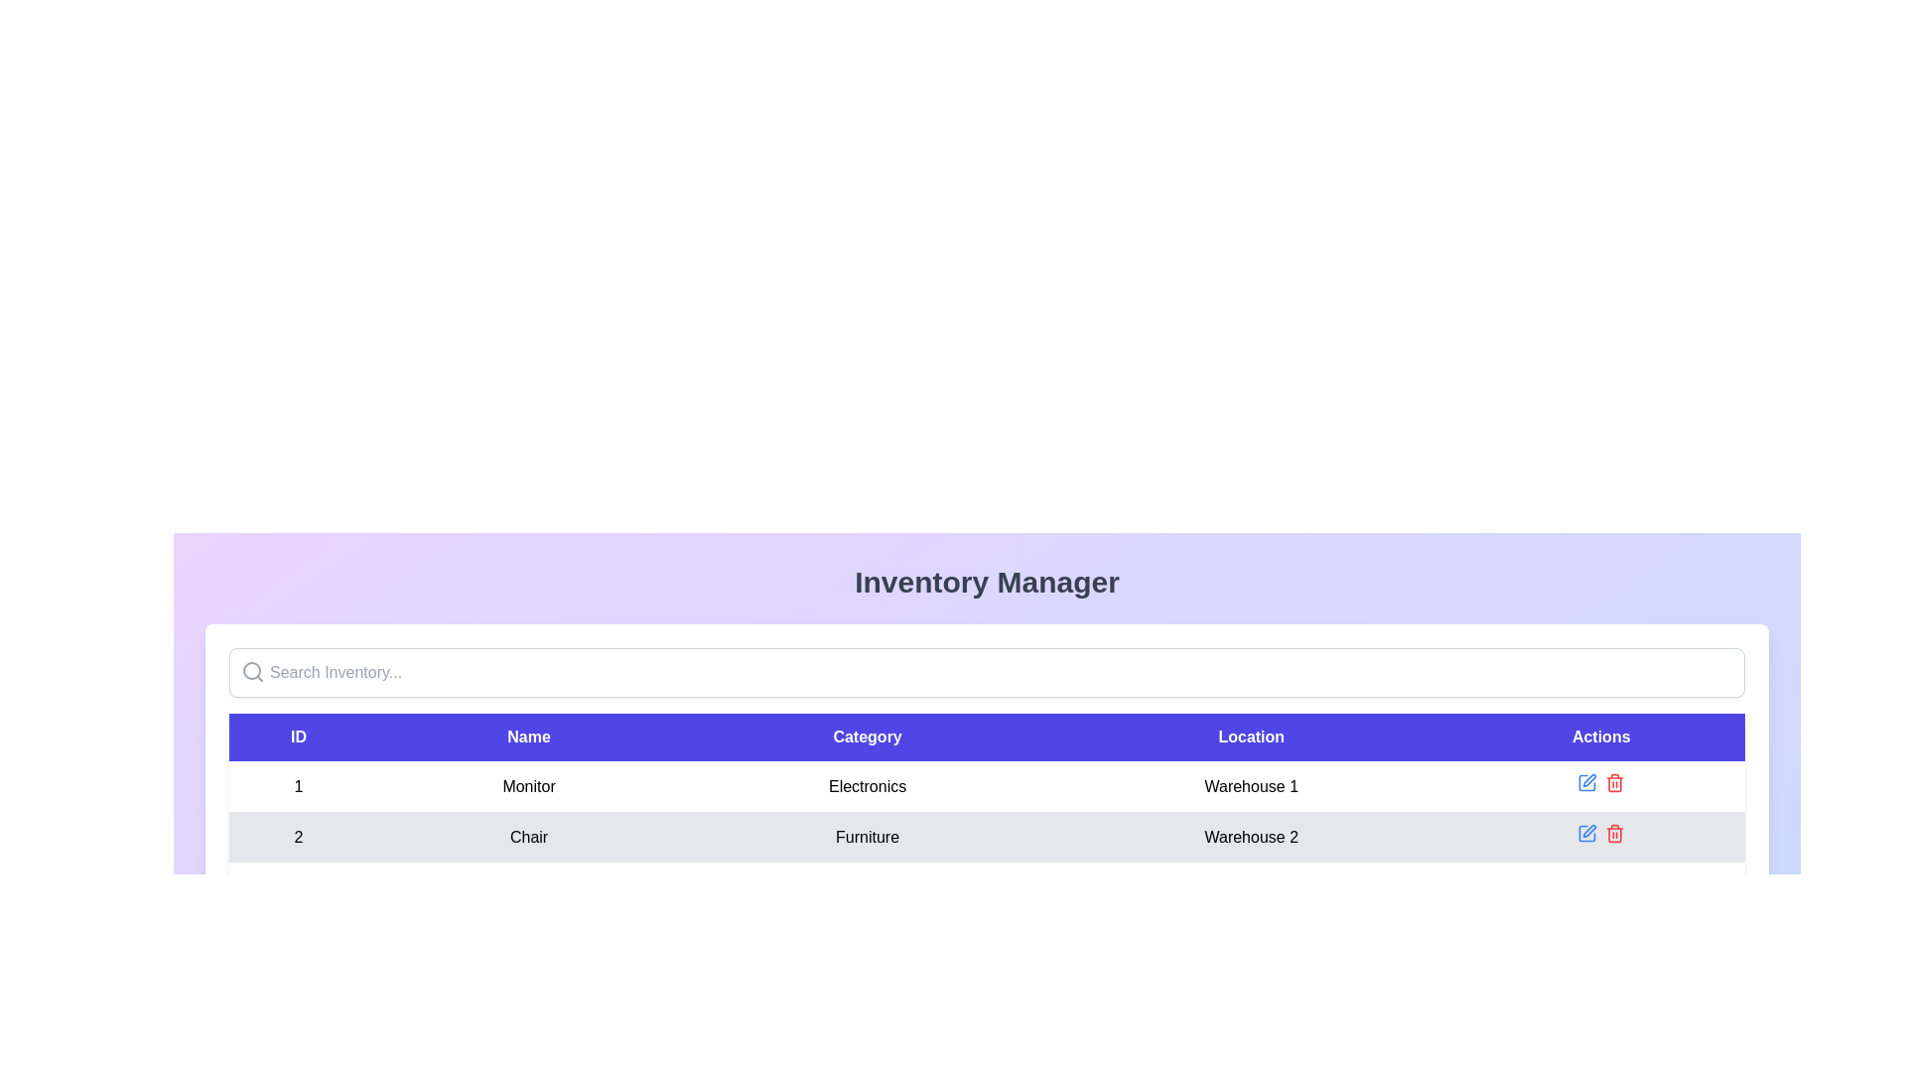 The height and width of the screenshot is (1072, 1906). What do you see at coordinates (528, 737) in the screenshot?
I see `the 'Name' column header text label in the Inventory Manager table, which is located between the 'ID' and 'Category' headers` at bounding box center [528, 737].